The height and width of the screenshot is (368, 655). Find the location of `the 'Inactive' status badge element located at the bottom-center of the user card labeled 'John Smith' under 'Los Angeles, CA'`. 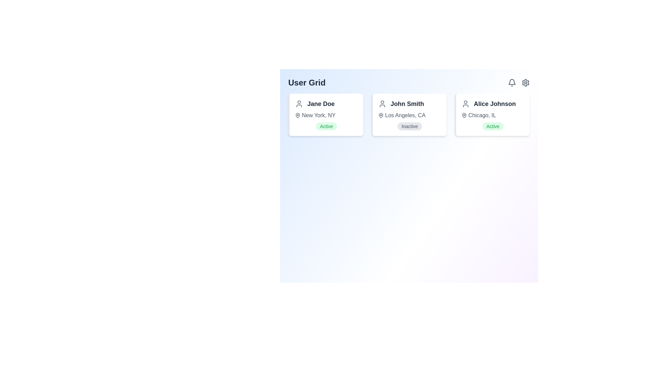

the 'Inactive' status badge element located at the bottom-center of the user card labeled 'John Smith' under 'Los Angeles, CA' is located at coordinates (409, 126).